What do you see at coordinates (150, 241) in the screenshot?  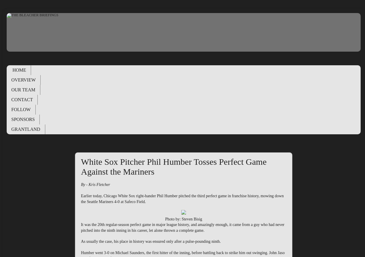 I see `'As usually the case, his place in history was ensured only after a pulse-pounding ninth.'` at bounding box center [150, 241].